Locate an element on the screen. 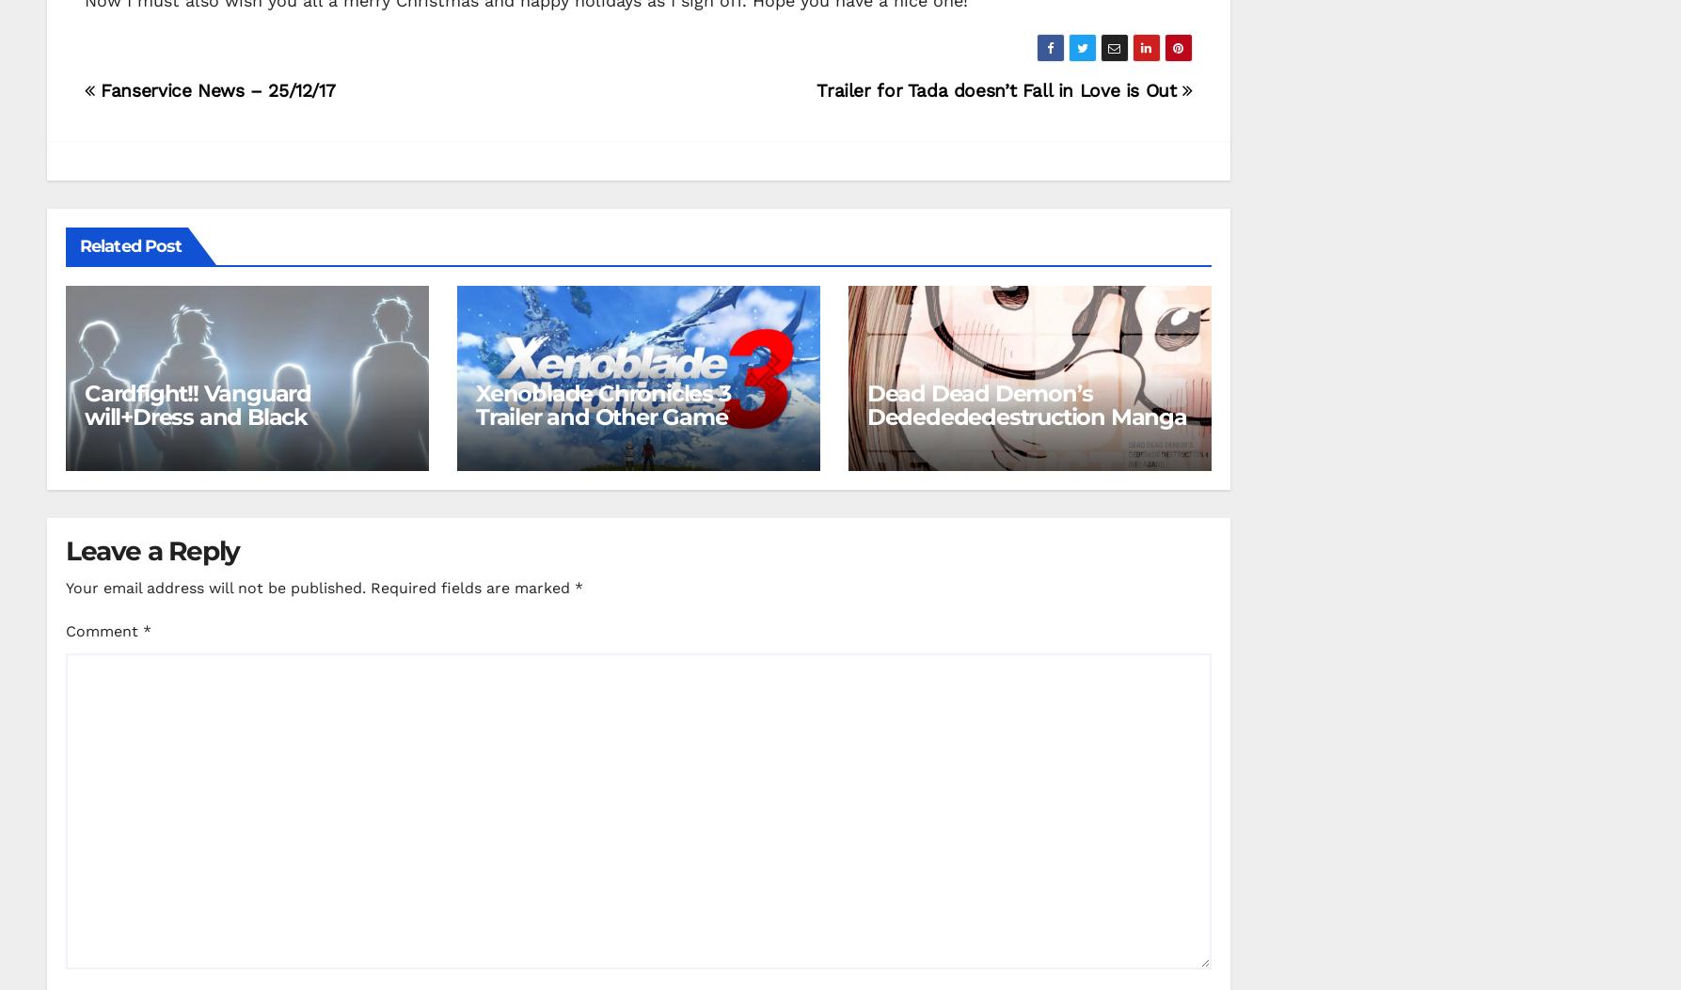 This screenshot has height=990, width=1681. 'Xenoblade Chronicles 3 Trailer and Other Game Trailers' is located at coordinates (475, 415).